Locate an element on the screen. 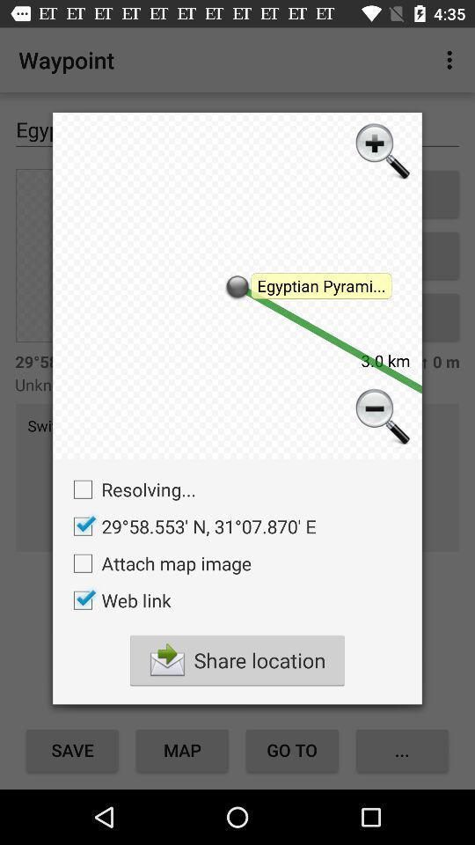  the resolving... is located at coordinates (129, 489).